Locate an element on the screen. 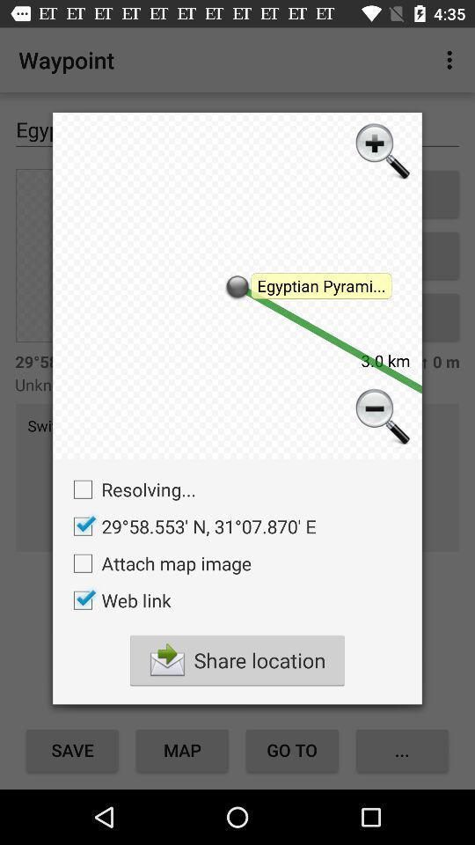  the resolving... is located at coordinates (129, 489).